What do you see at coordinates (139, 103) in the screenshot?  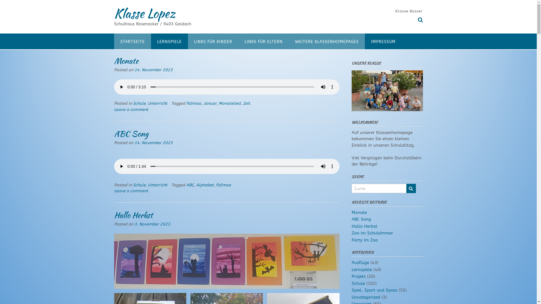 I see `'Schule'` at bounding box center [139, 103].